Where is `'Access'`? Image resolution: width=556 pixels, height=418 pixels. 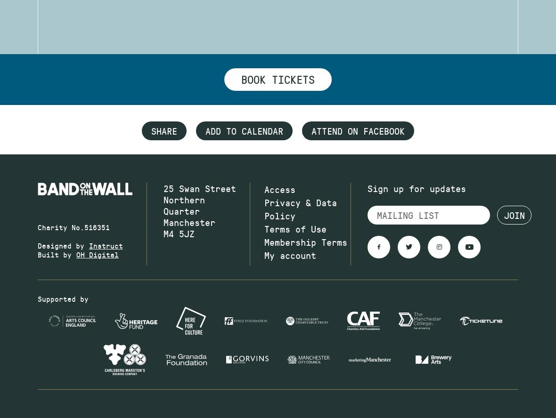
'Access' is located at coordinates (279, 188).